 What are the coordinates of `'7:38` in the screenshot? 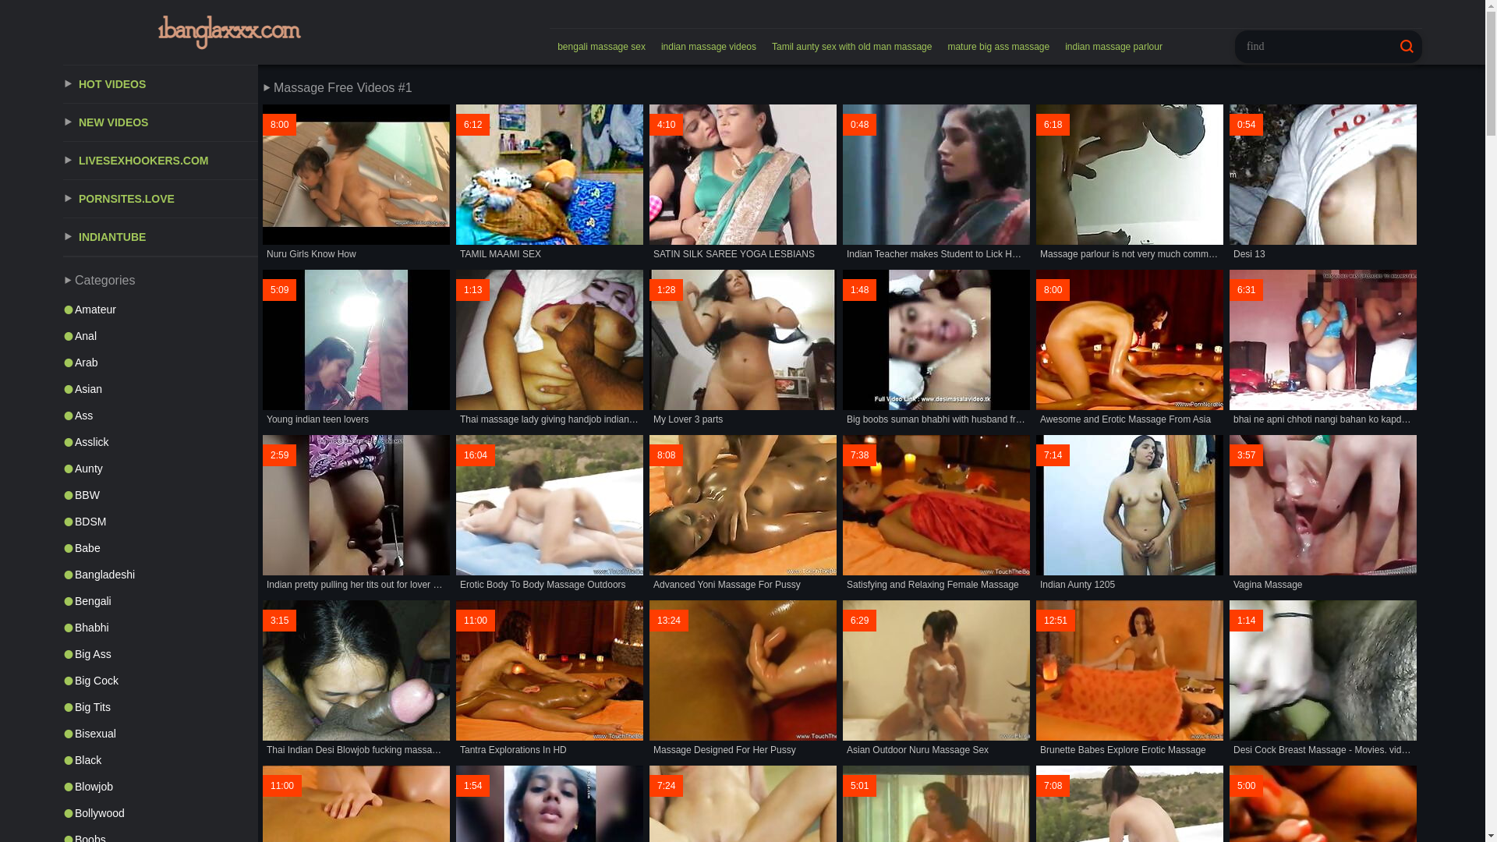 It's located at (936, 514).